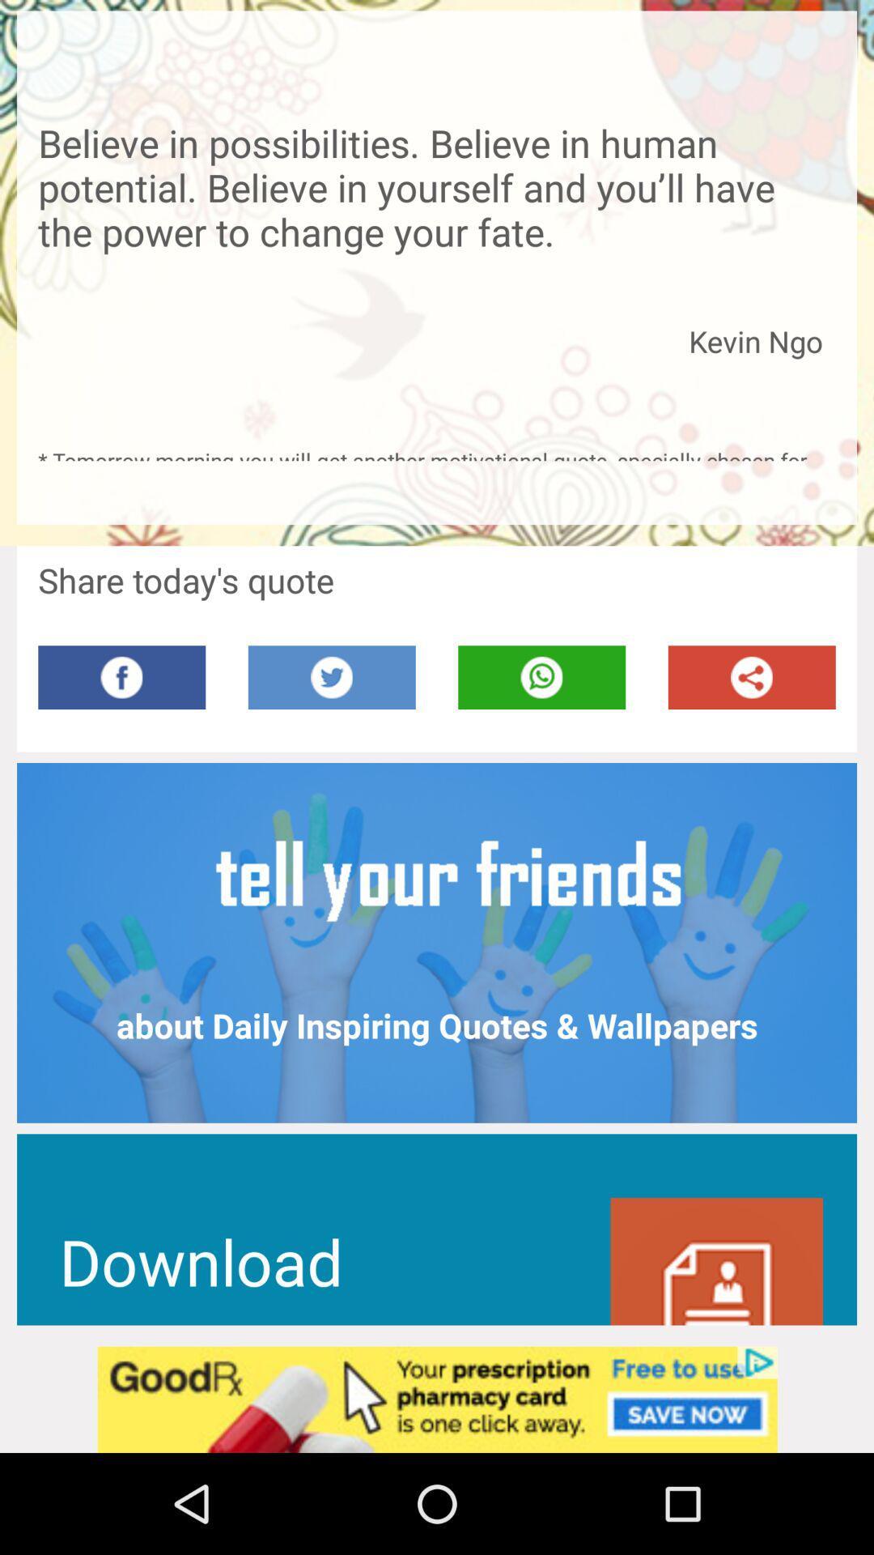 This screenshot has height=1555, width=874. I want to click on advertisement page, so click(437, 1399).